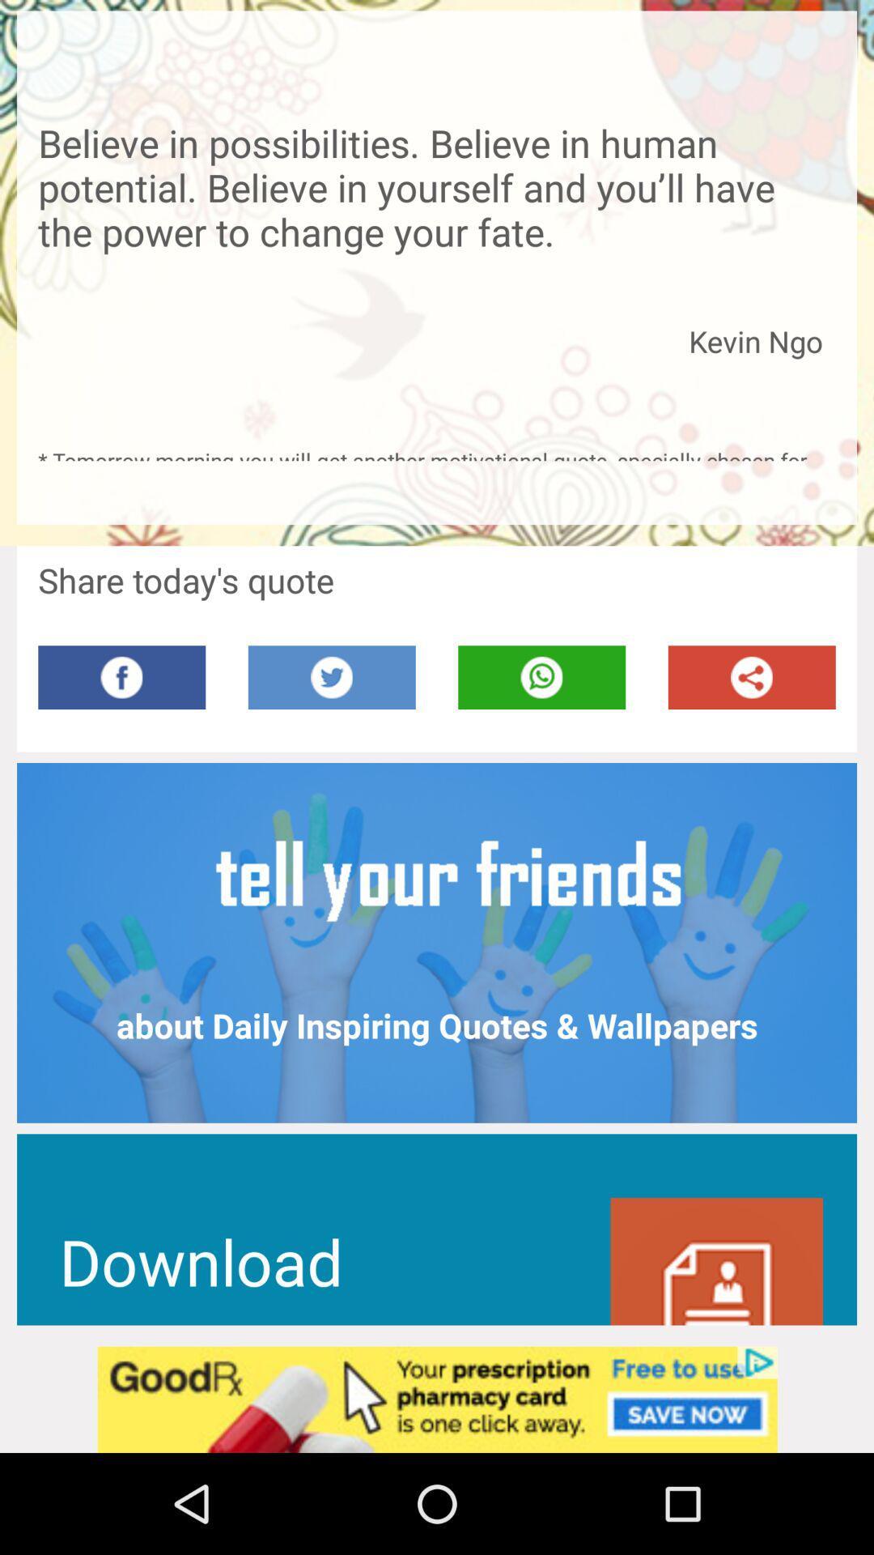 This screenshot has height=1555, width=874. I want to click on advertisement page, so click(437, 1399).